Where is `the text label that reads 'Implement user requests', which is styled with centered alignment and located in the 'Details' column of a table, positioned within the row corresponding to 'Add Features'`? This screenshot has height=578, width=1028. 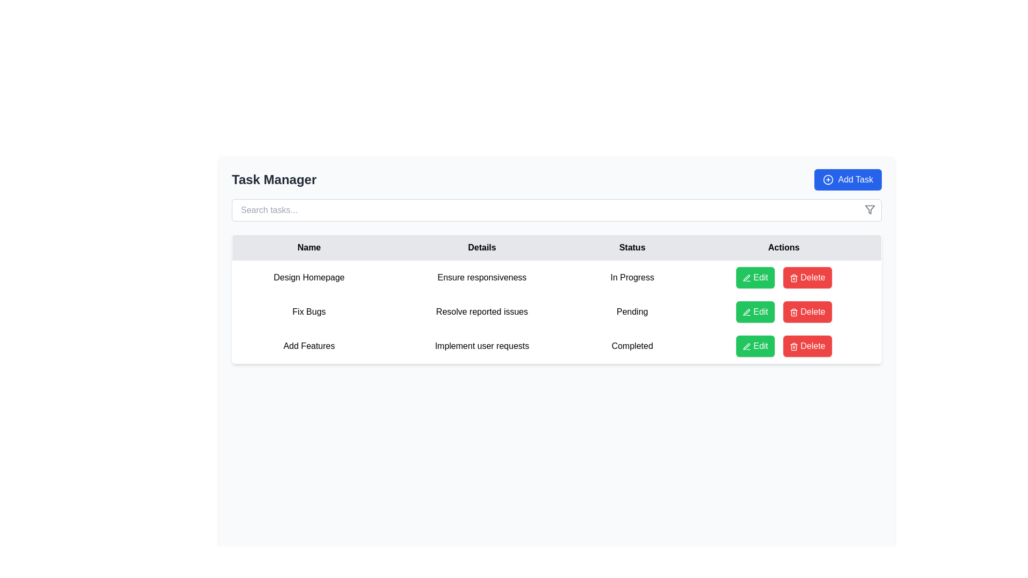 the text label that reads 'Implement user requests', which is styled with centered alignment and located in the 'Details' column of a table, positioned within the row corresponding to 'Add Features' is located at coordinates (481, 346).